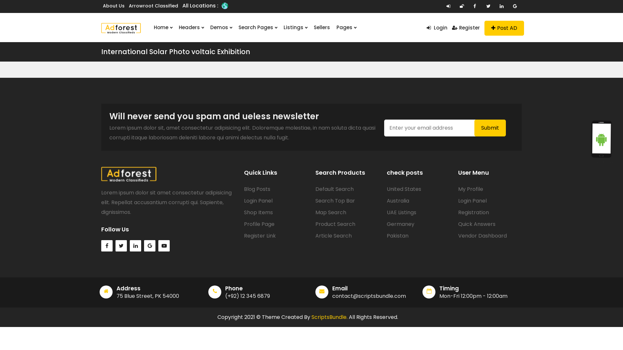 The height and width of the screenshot is (350, 623). Describe the element at coordinates (397, 236) in the screenshot. I see `'Pakistan'` at that location.